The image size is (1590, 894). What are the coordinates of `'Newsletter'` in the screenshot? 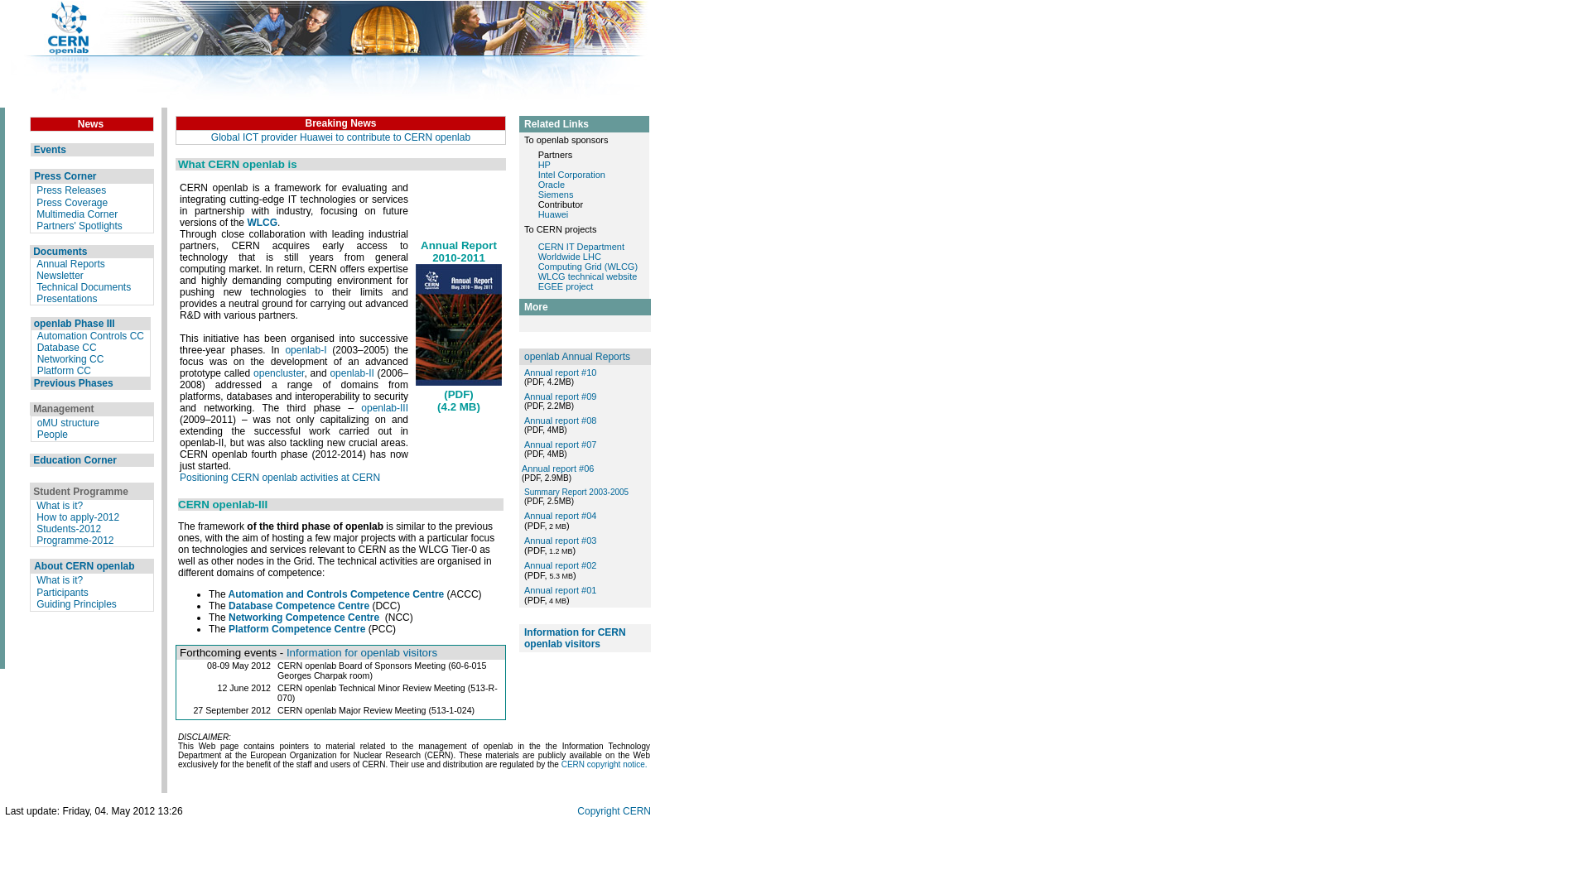 It's located at (60, 274).